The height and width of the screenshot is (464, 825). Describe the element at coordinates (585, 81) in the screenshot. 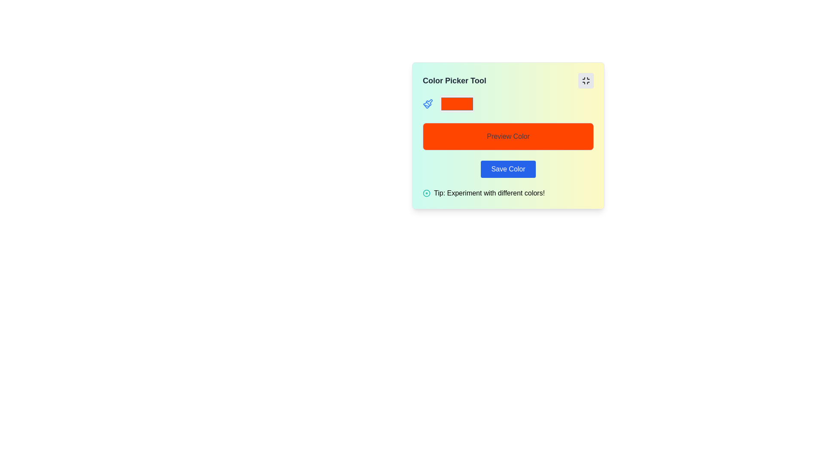

I see `the light gray circular button with a cross design in the top-right corner of the interface to minimize` at that location.